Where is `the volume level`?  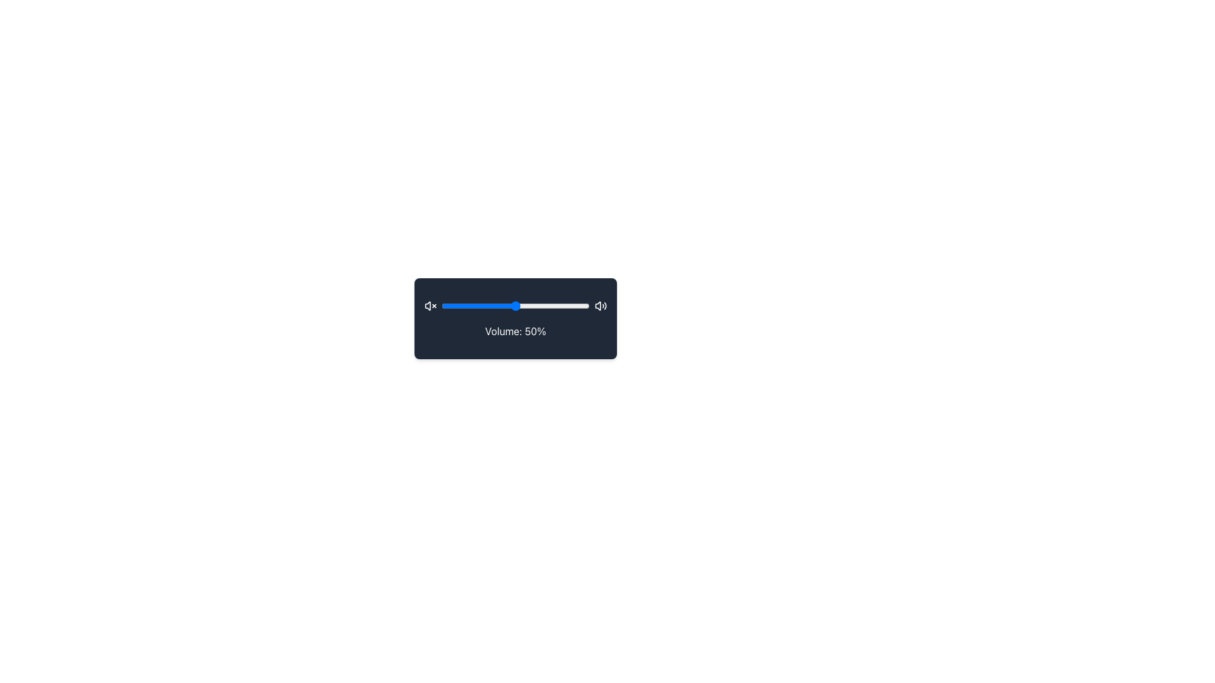
the volume level is located at coordinates (469, 305).